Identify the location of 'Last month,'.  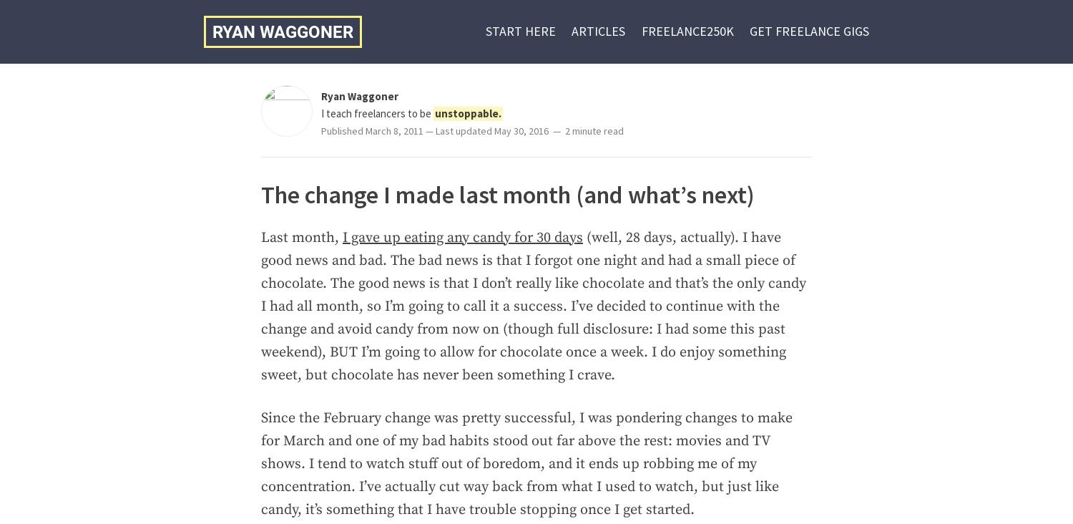
(301, 237).